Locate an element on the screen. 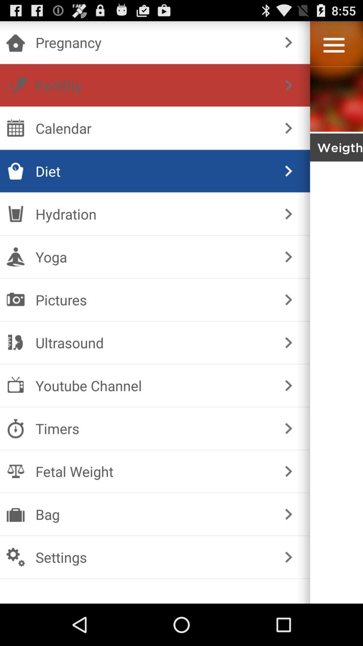 The image size is (363, 646). the checkbox above the bag item is located at coordinates (154, 471).